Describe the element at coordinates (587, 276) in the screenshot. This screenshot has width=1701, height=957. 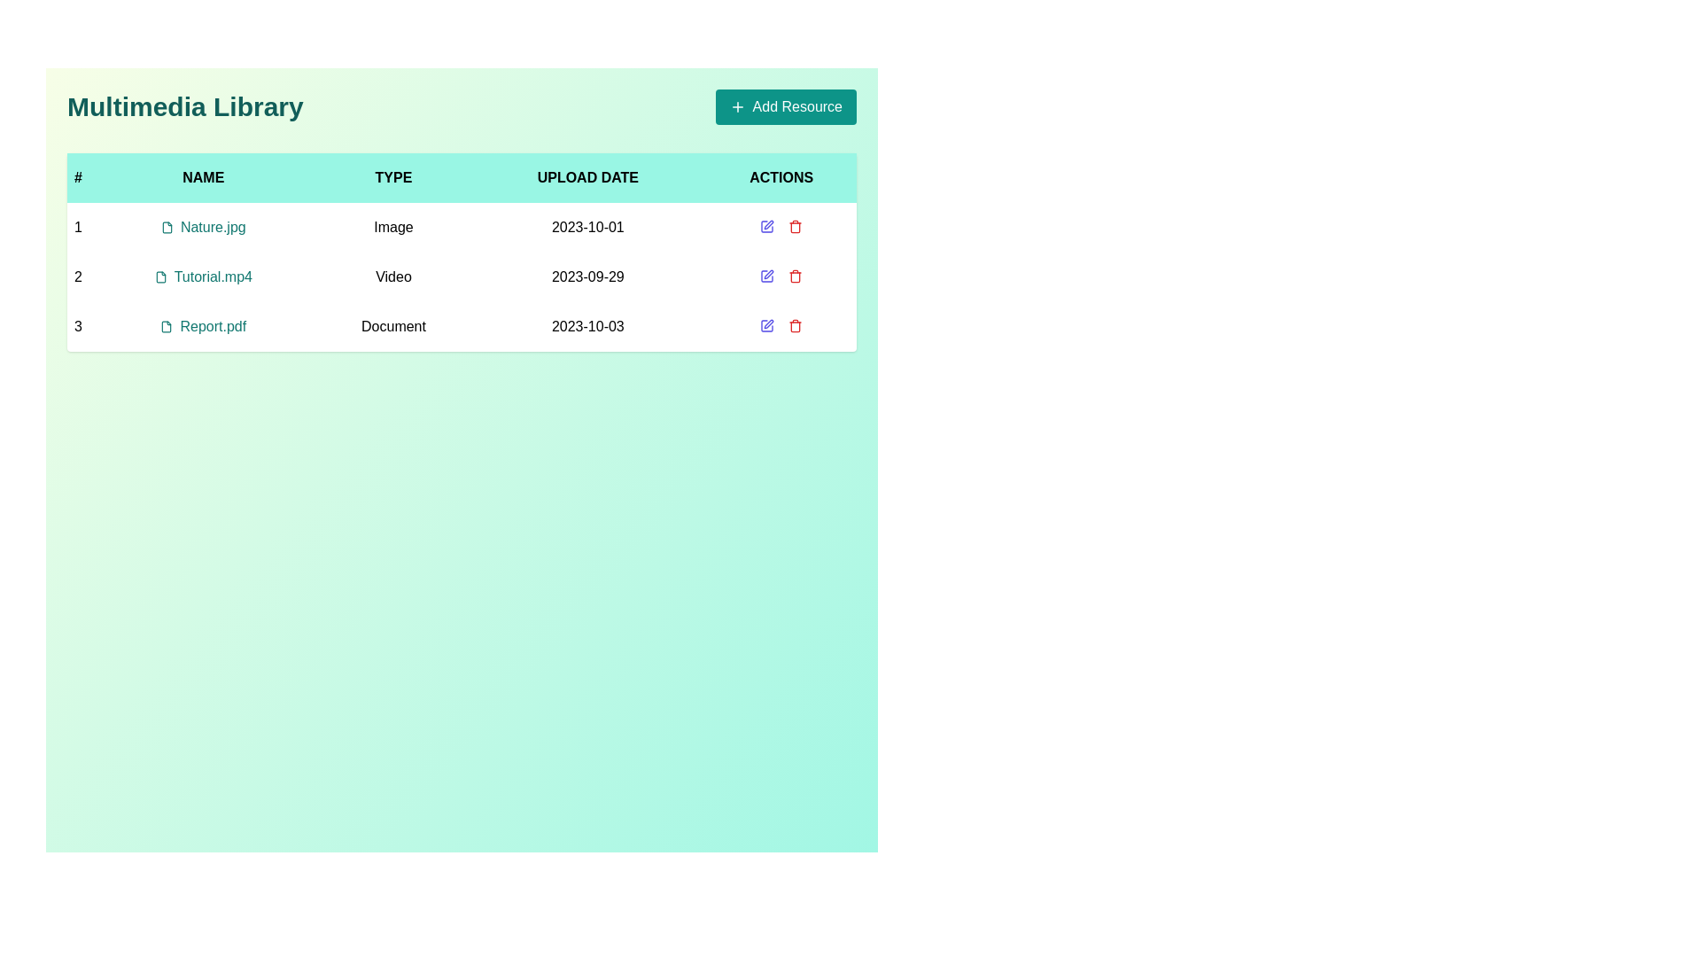
I see `date displayed as '2023-09-29' in the second row of the table under the 'UPLOAD DATE' column, aligned with the 'Tutorial.mp4' entry` at that location.